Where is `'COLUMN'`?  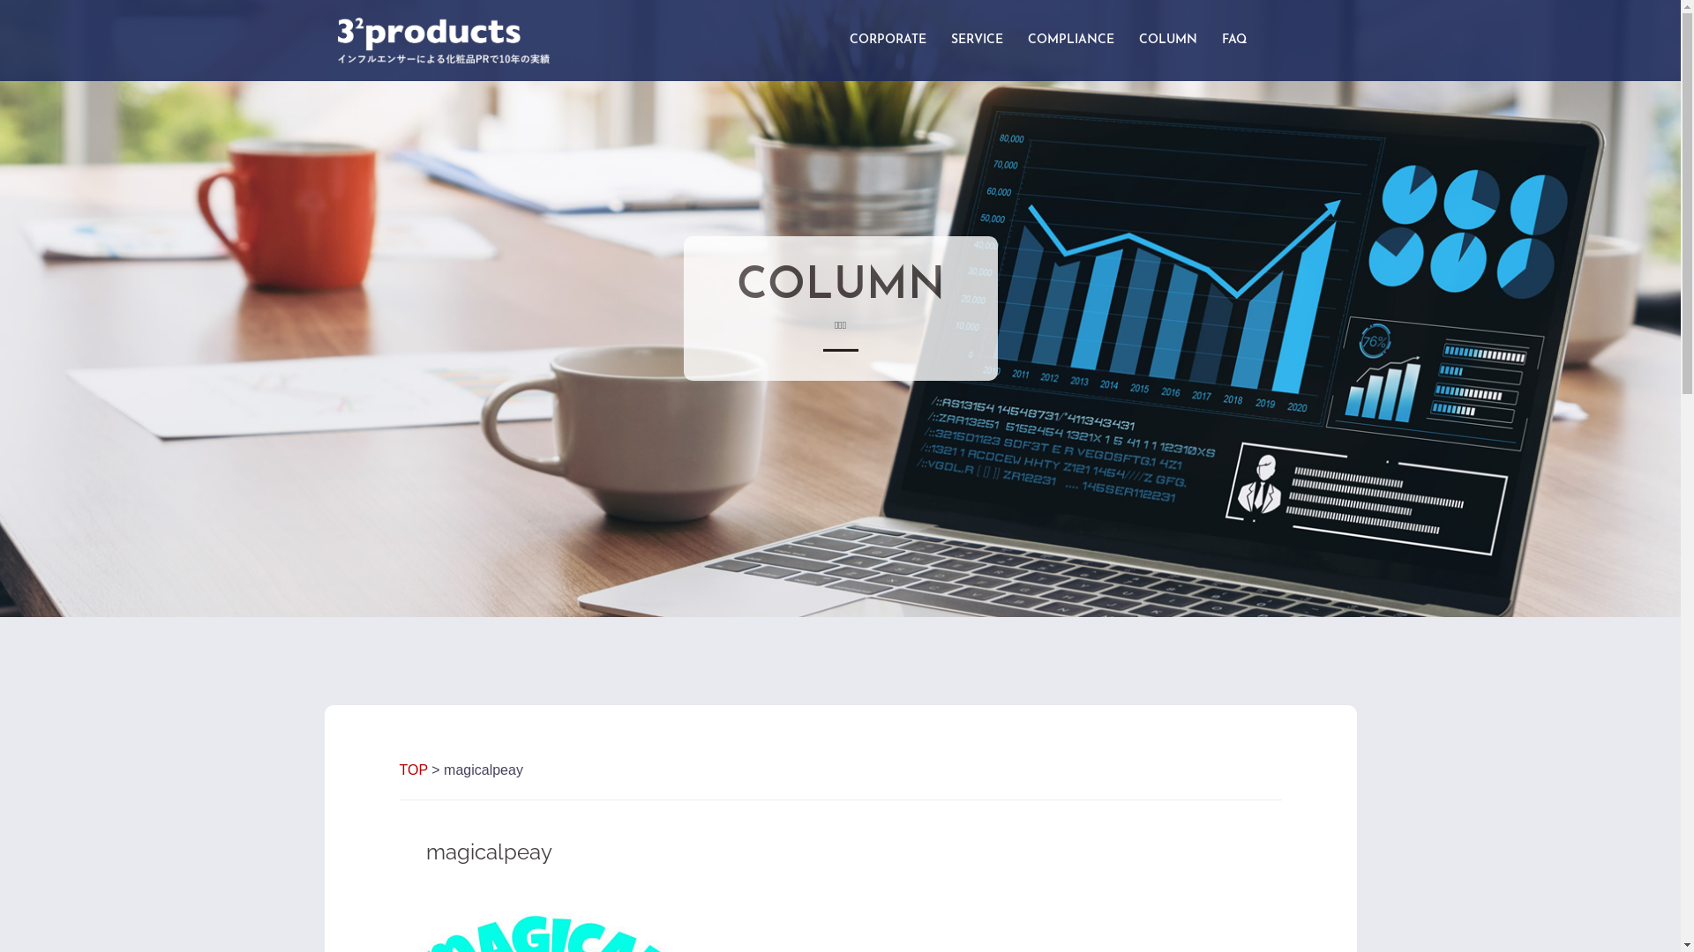
'COLUMN' is located at coordinates (1167, 40).